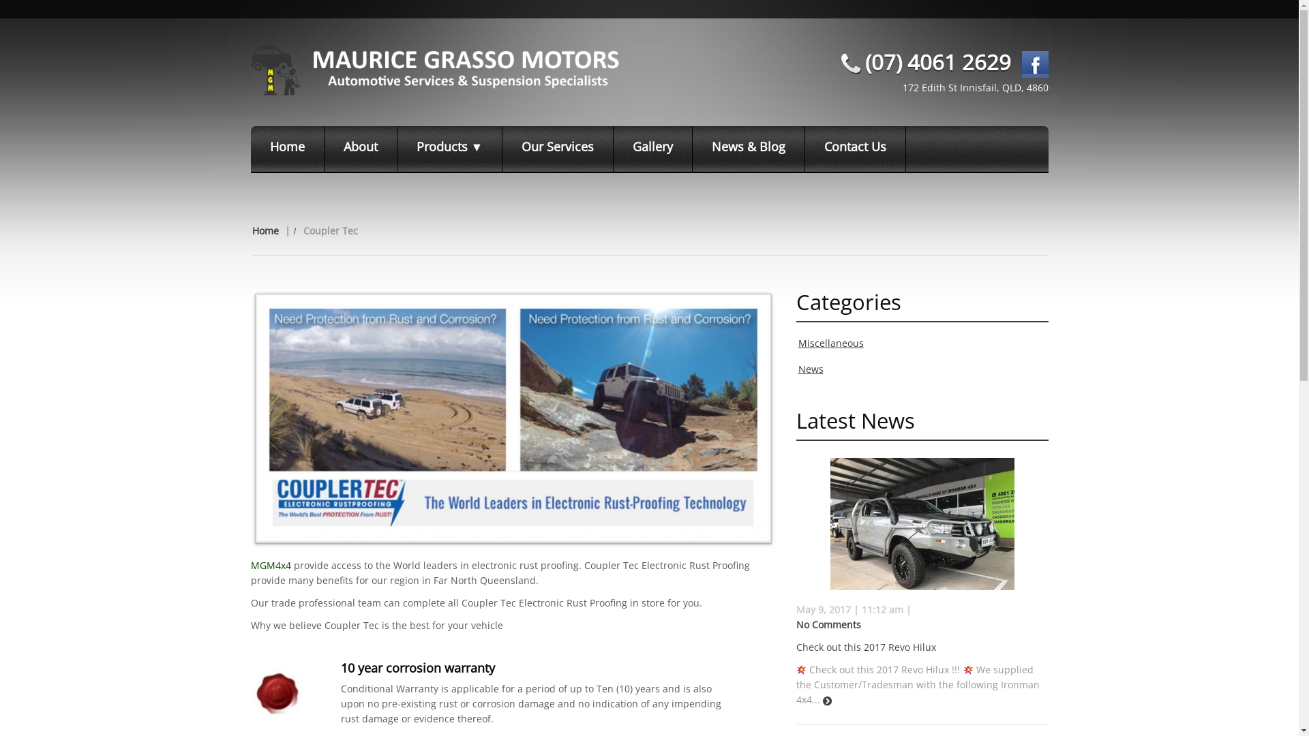 This screenshot has width=1309, height=736. What do you see at coordinates (810, 369) in the screenshot?
I see `'News'` at bounding box center [810, 369].